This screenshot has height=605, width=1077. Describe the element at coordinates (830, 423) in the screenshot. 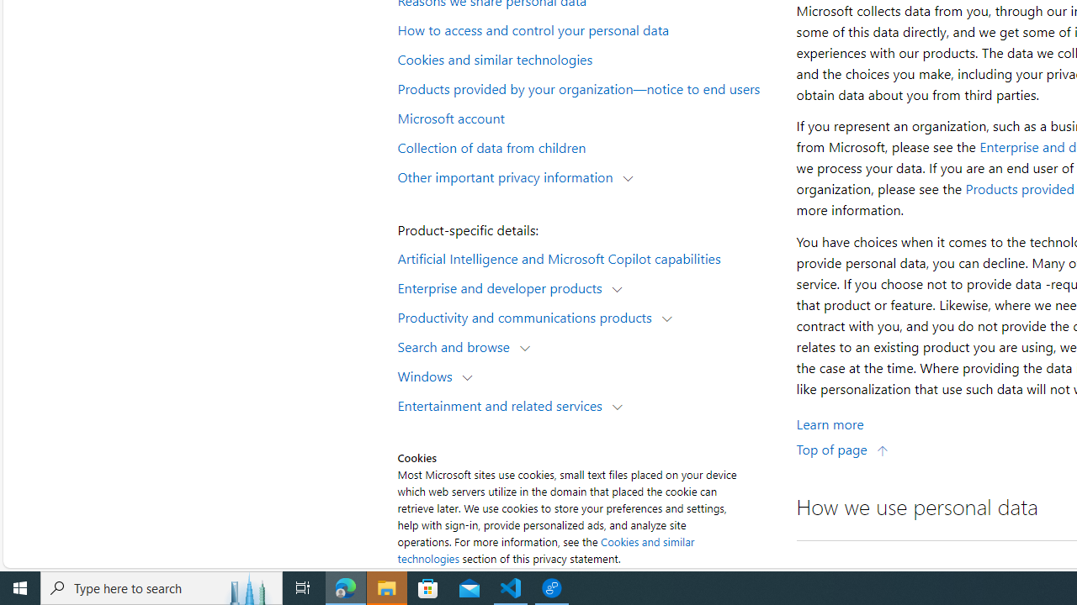

I see `'Learn More about Personal data we collect'` at that location.